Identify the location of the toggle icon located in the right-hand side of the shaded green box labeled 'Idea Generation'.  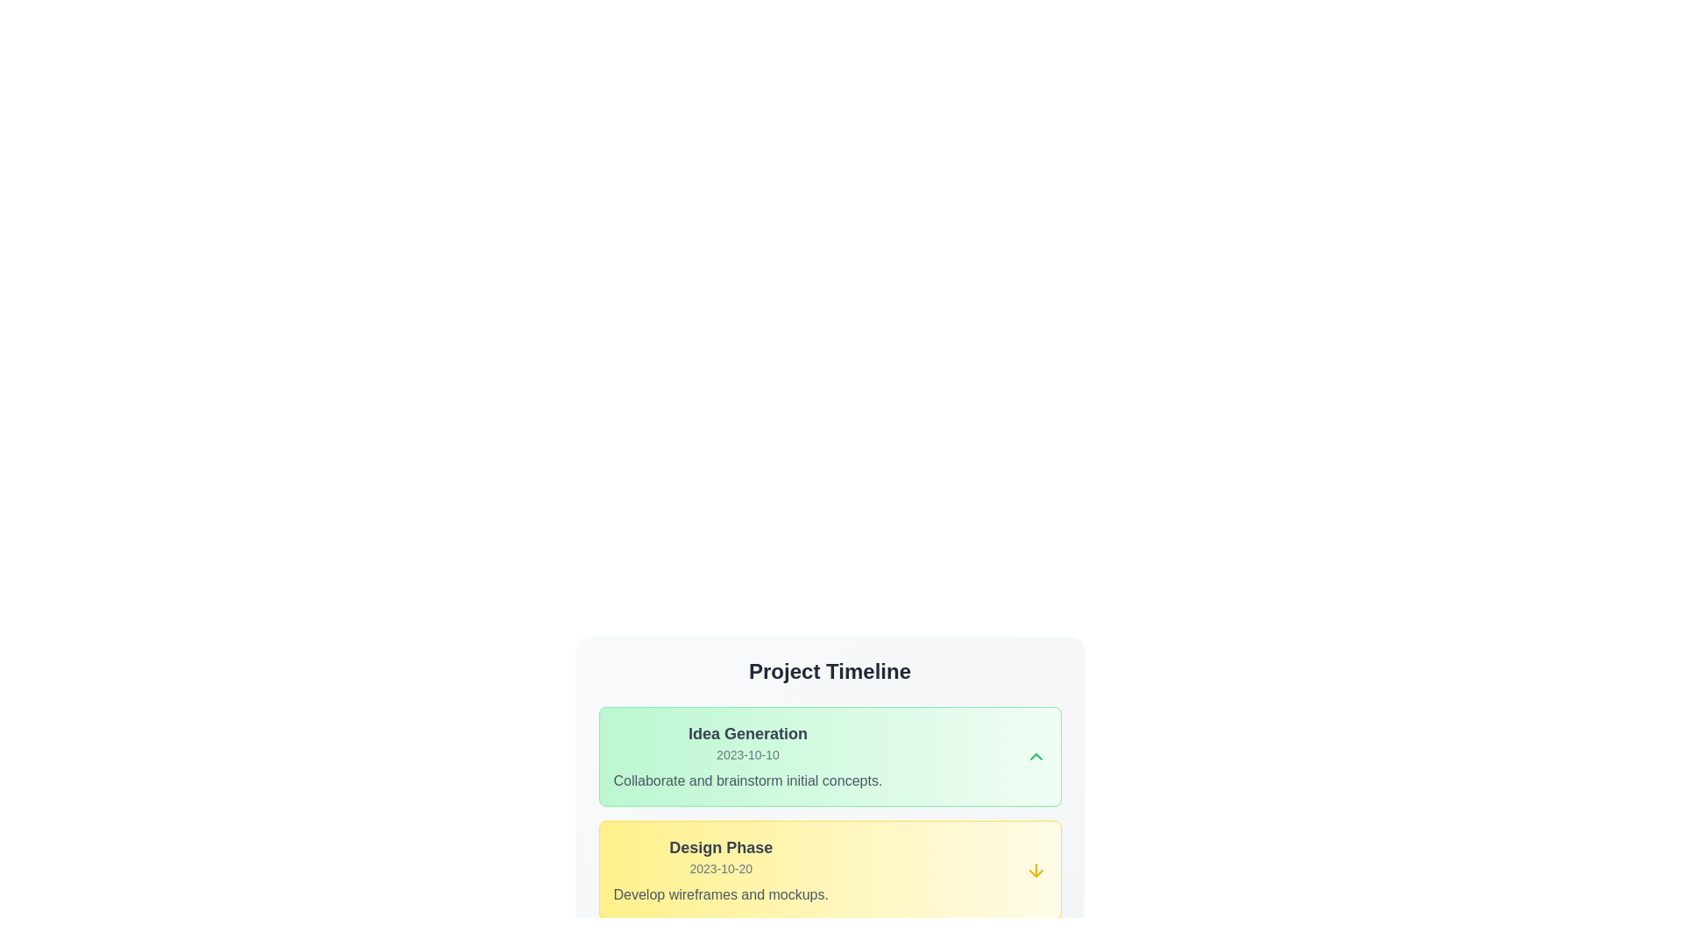
(1035, 756).